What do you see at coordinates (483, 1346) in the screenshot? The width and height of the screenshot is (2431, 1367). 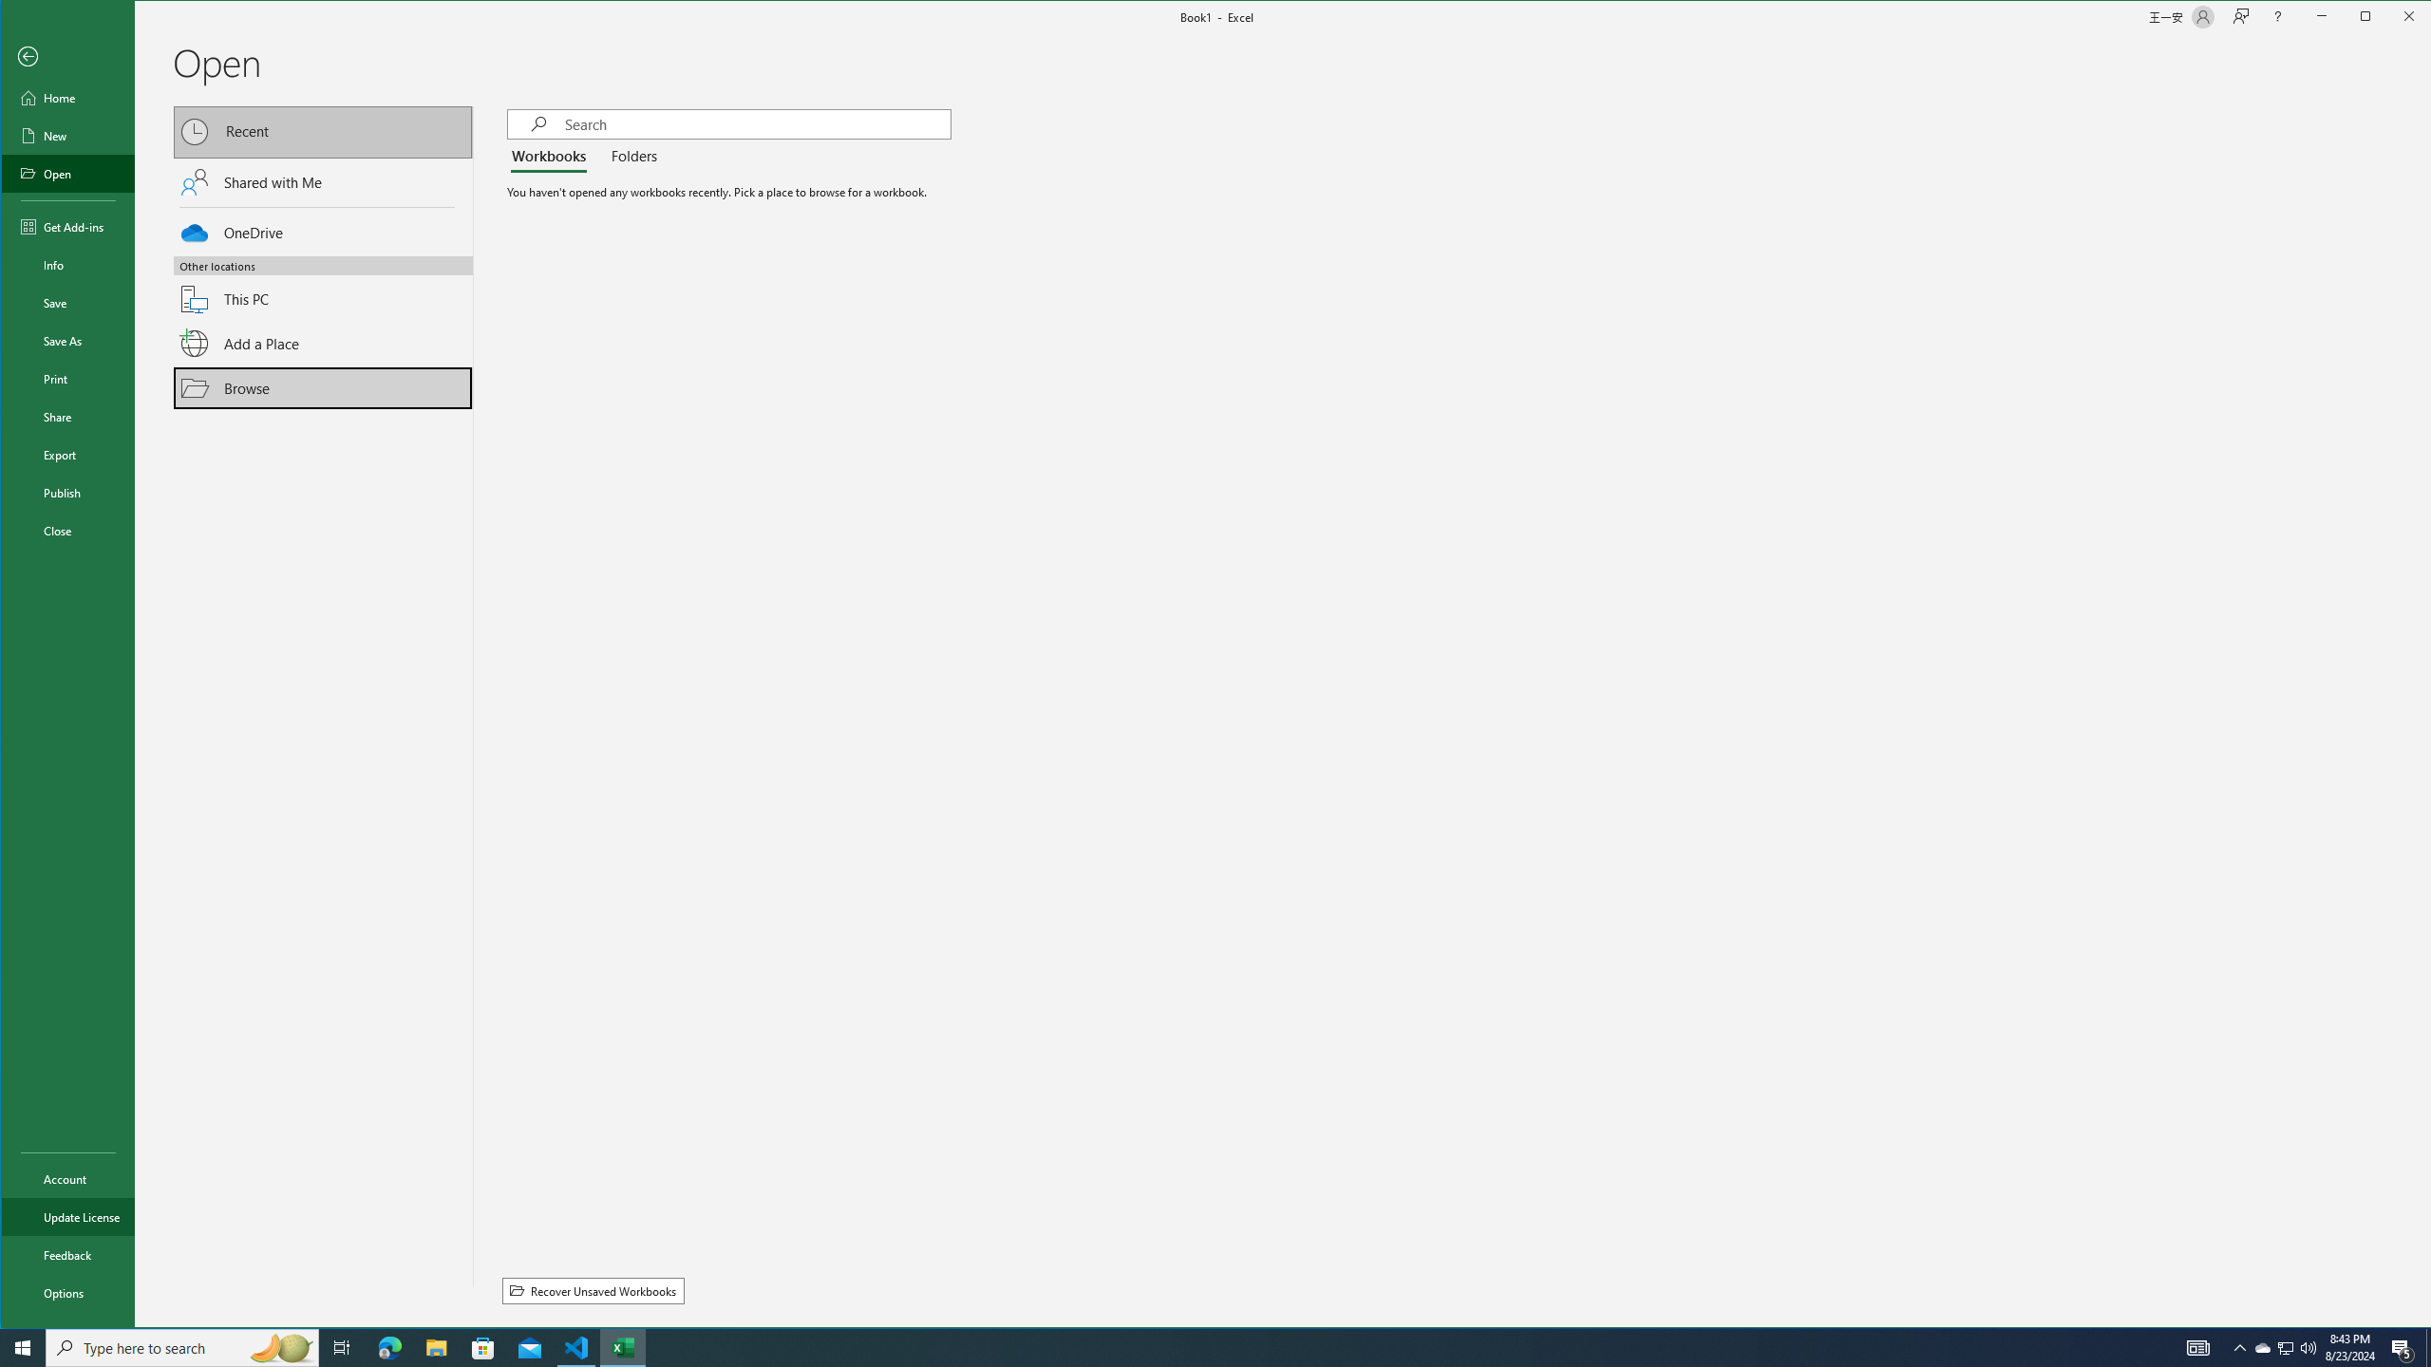 I see `'Microsoft Store'` at bounding box center [483, 1346].